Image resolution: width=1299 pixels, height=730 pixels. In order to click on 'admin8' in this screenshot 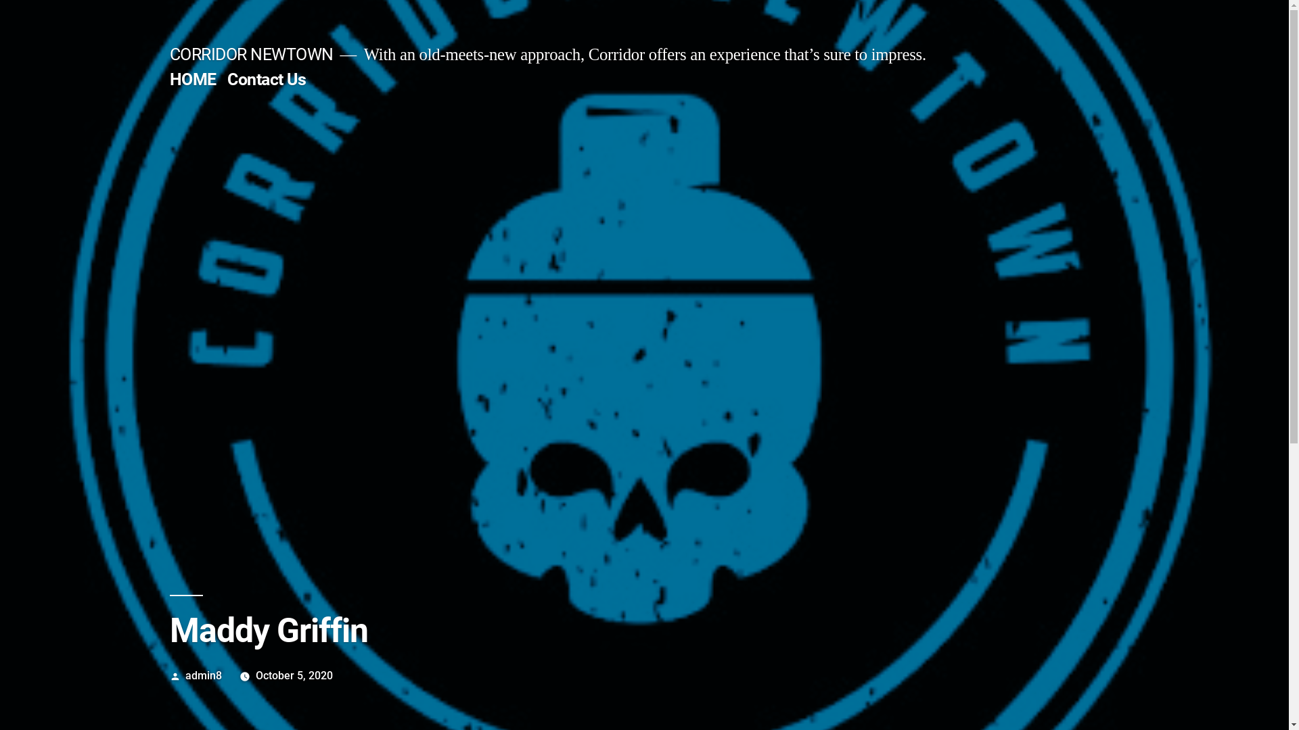, I will do `click(203, 675)`.